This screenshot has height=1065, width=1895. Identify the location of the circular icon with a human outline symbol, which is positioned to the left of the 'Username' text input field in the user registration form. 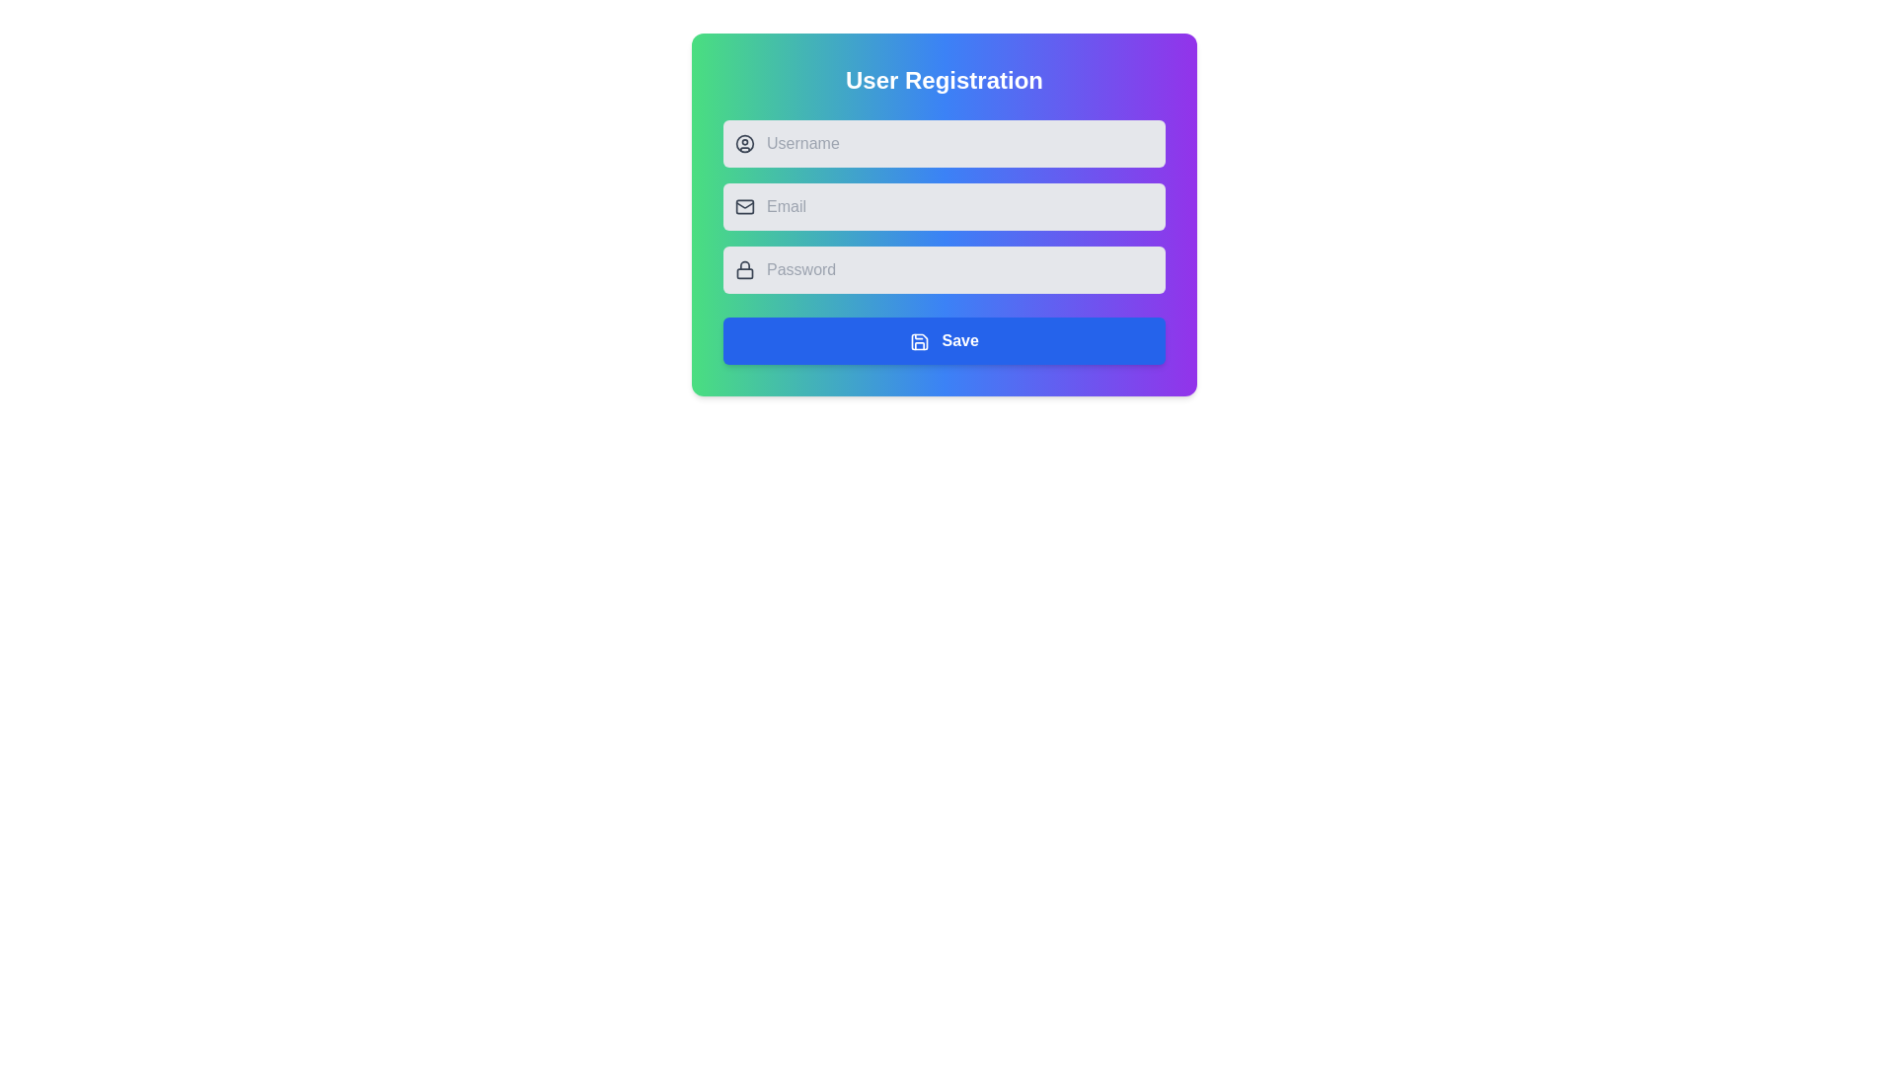
(743, 143).